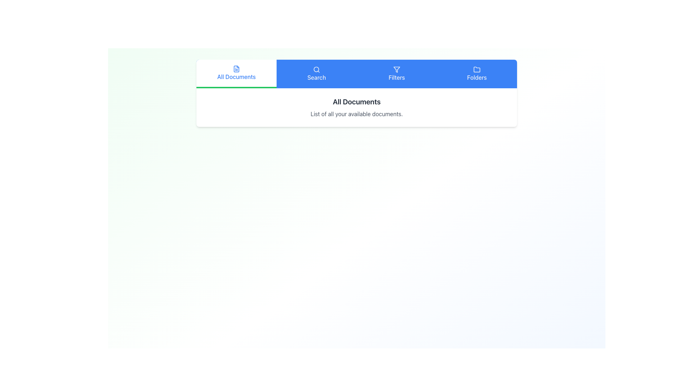 The width and height of the screenshot is (687, 386). Describe the element at coordinates (237, 74) in the screenshot. I see `the first button in the horizontal row at the top of the page` at that location.